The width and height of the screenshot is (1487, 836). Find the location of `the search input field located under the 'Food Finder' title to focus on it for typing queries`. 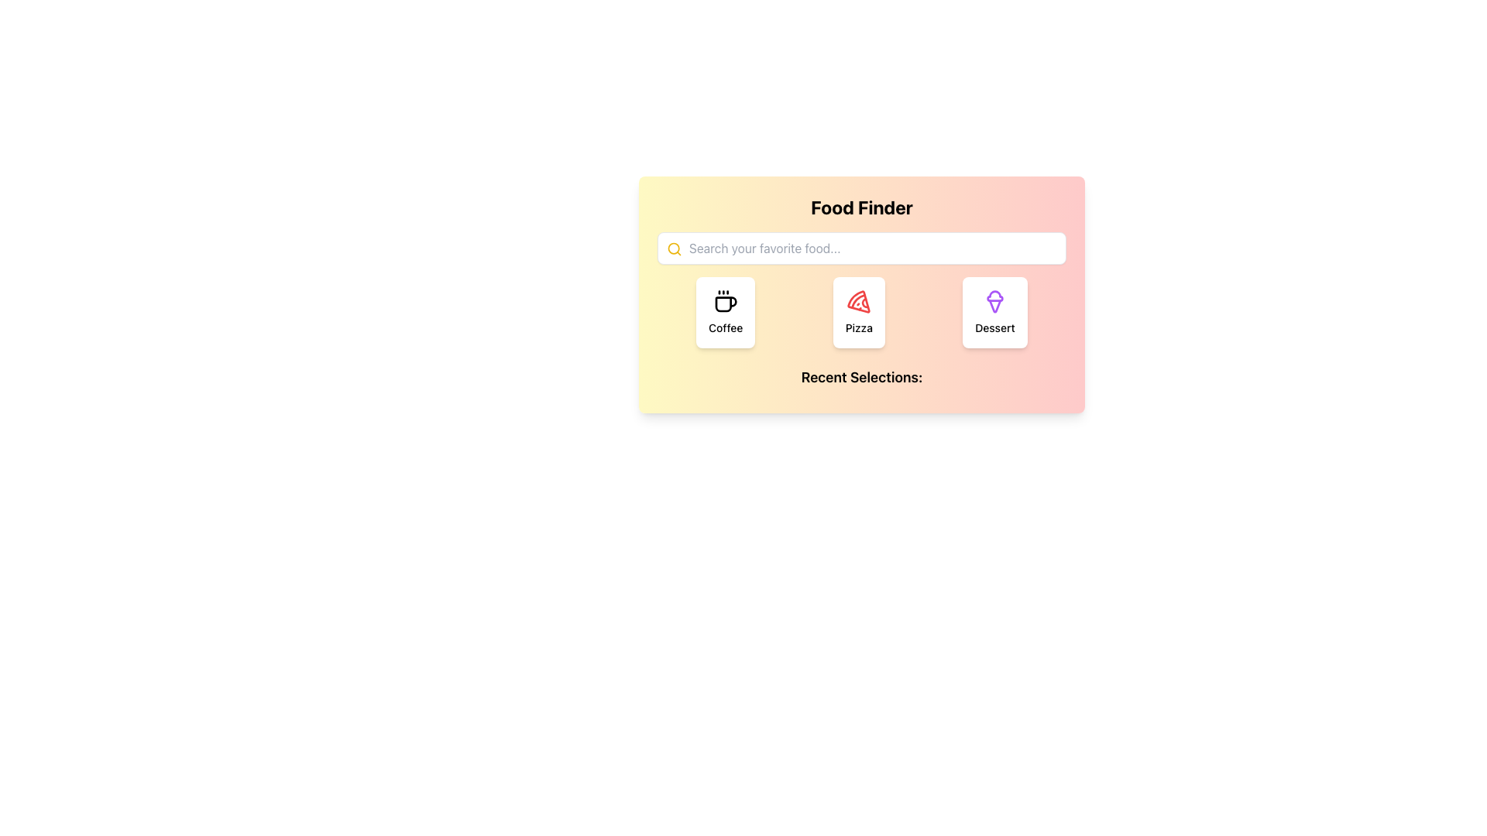

the search input field located under the 'Food Finder' title to focus on it for typing queries is located at coordinates (861, 247).